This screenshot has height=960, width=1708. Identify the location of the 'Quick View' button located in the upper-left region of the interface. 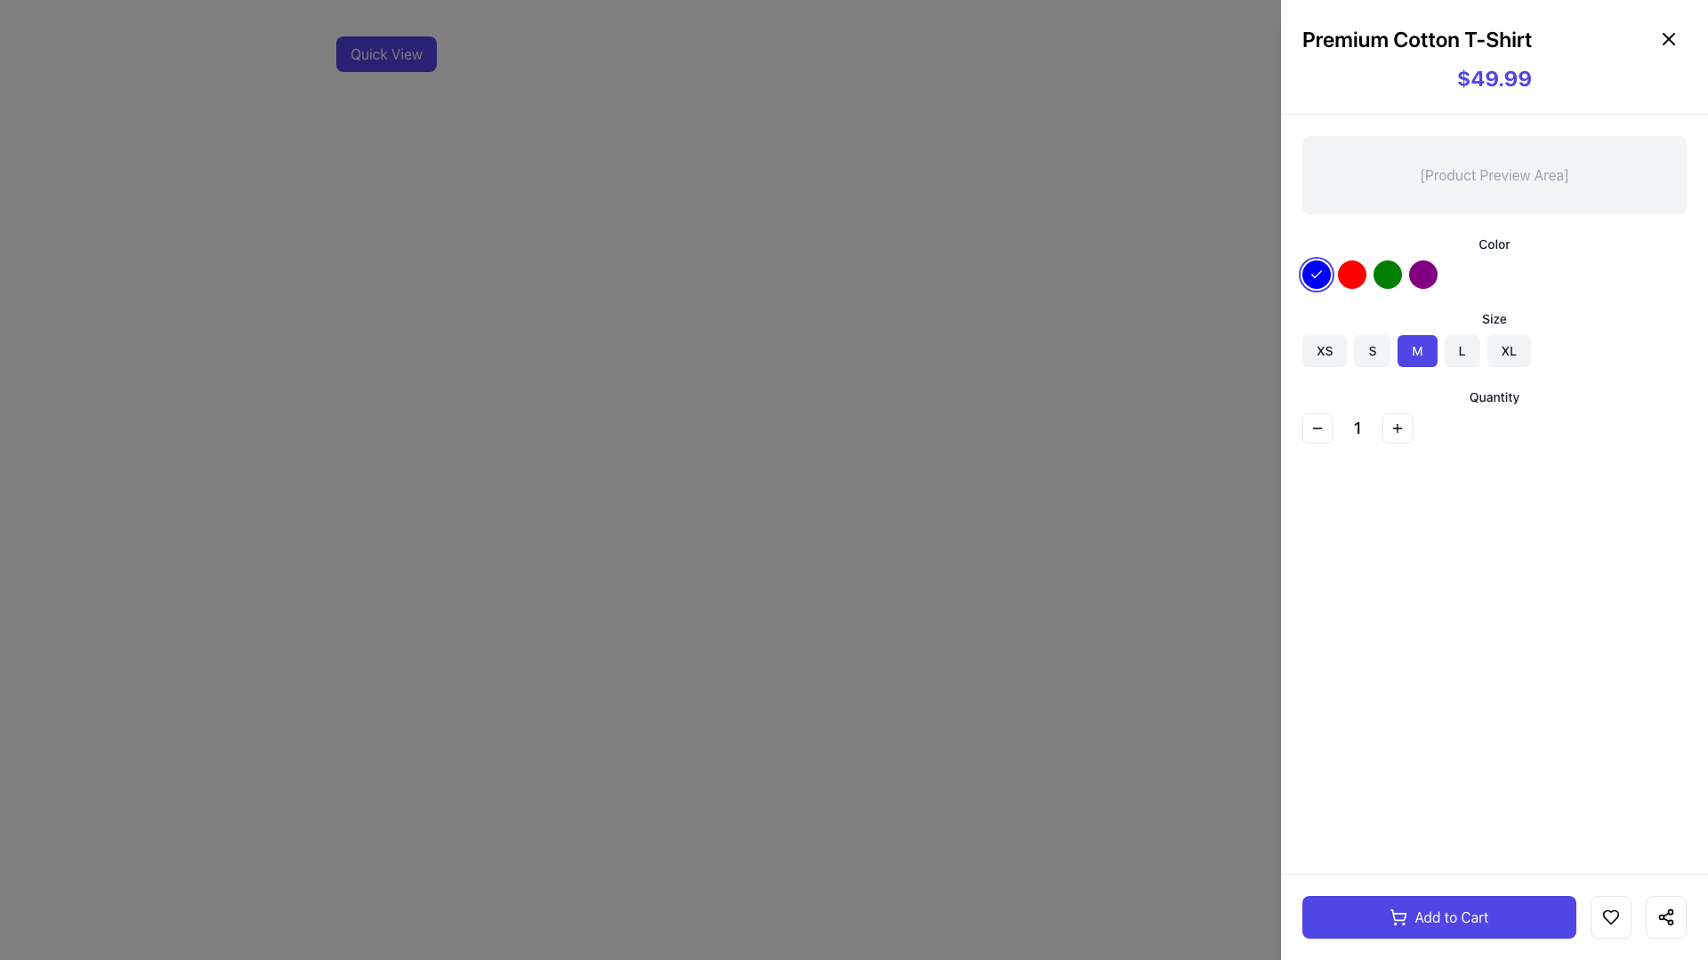
(385, 53).